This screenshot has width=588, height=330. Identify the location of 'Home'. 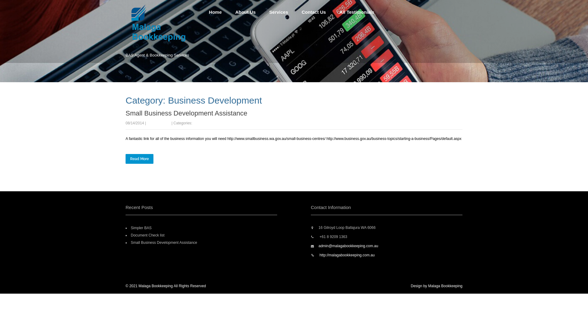
(203, 12).